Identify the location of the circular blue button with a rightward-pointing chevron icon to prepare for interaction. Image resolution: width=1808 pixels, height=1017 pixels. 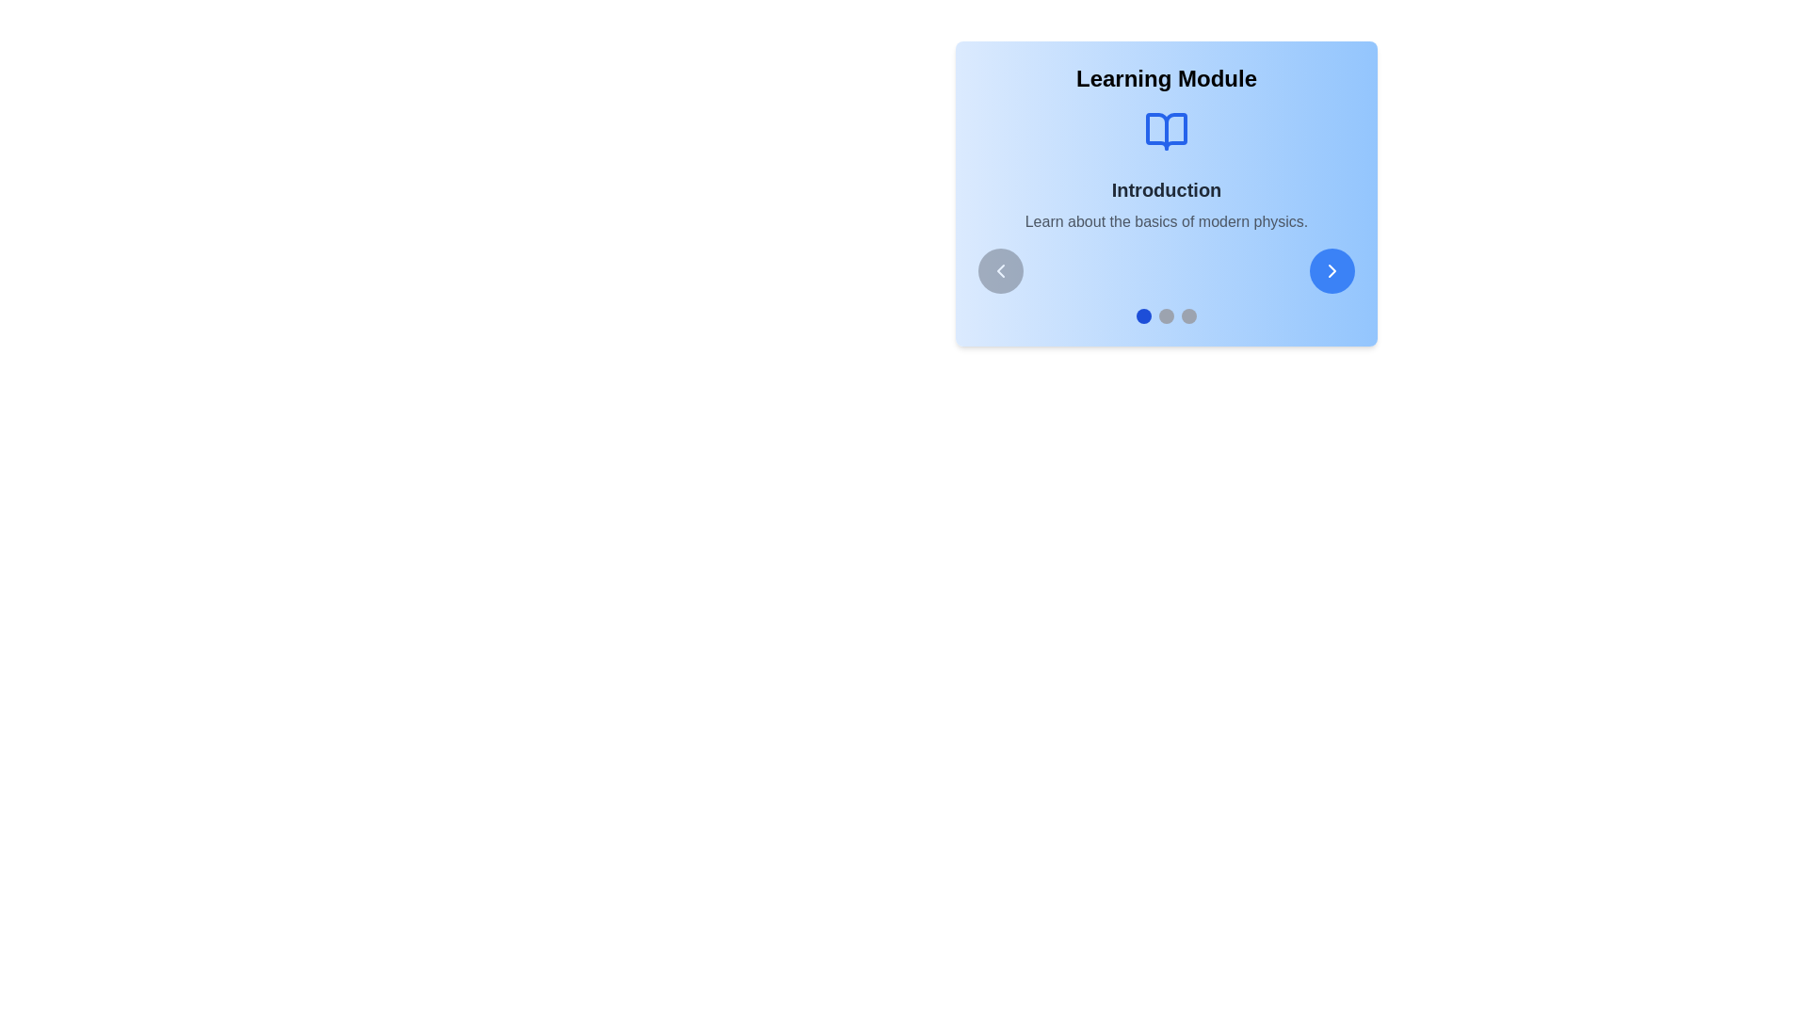
(1332, 271).